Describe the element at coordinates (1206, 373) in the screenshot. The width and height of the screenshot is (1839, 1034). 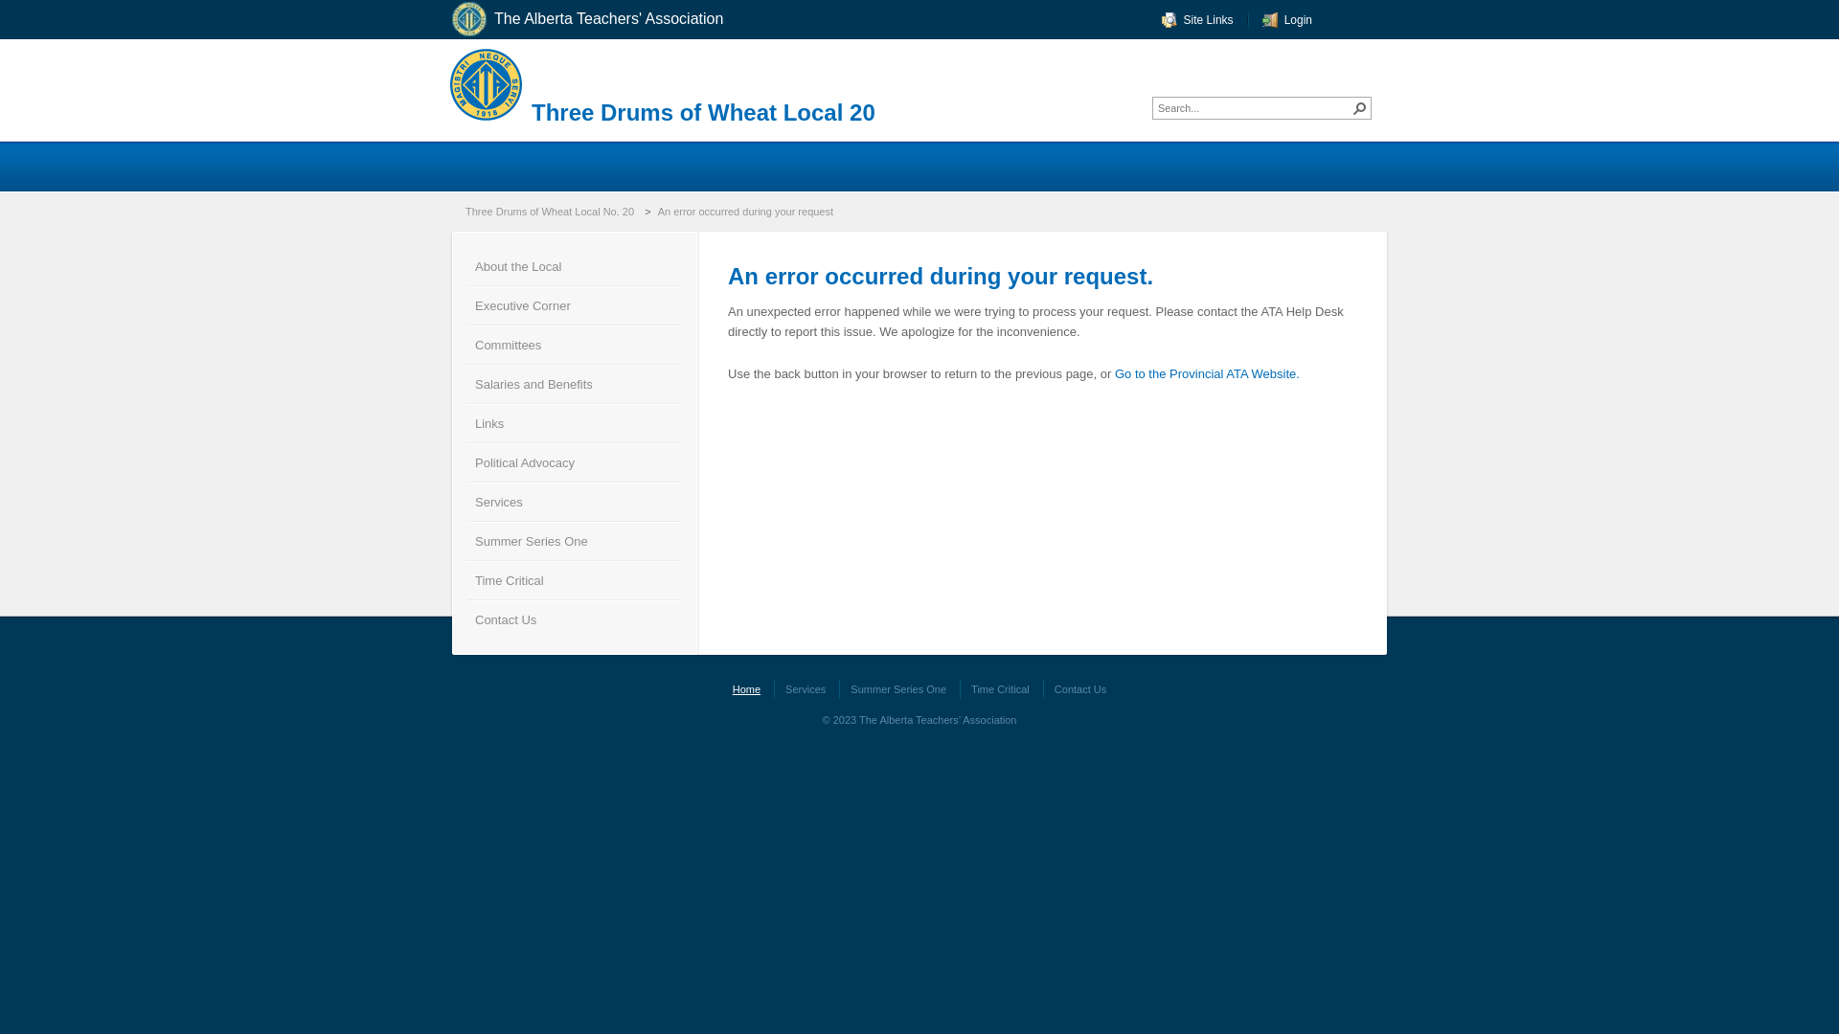
I see `'Go to the Provincial ATA Website.'` at that location.